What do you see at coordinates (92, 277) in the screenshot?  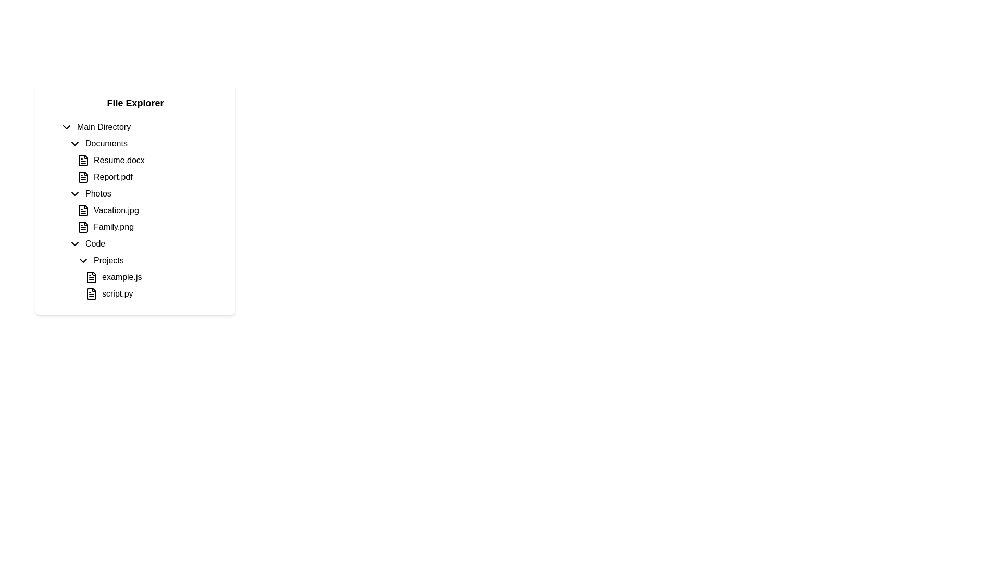 I see `the file icon representing 'example.js' located in the 'Projects' subsection of the 'Code' directory` at bounding box center [92, 277].